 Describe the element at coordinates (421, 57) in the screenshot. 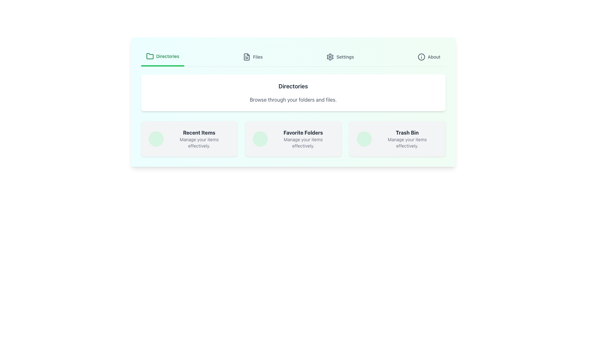

I see `the information icon located in the 'About' section of the horizontal navigation menu at the top of the interface` at that location.